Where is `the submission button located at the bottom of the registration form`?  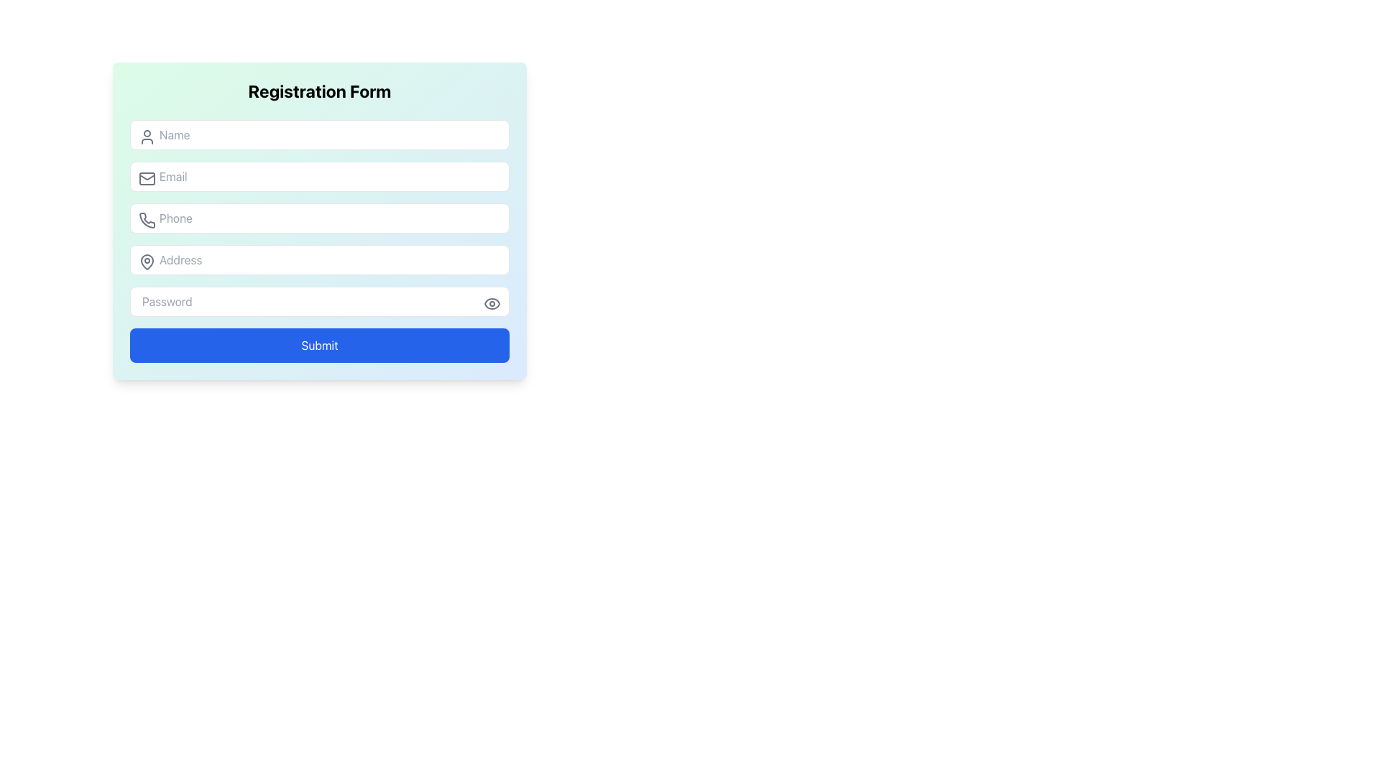 the submission button located at the bottom of the registration form is located at coordinates (319, 346).